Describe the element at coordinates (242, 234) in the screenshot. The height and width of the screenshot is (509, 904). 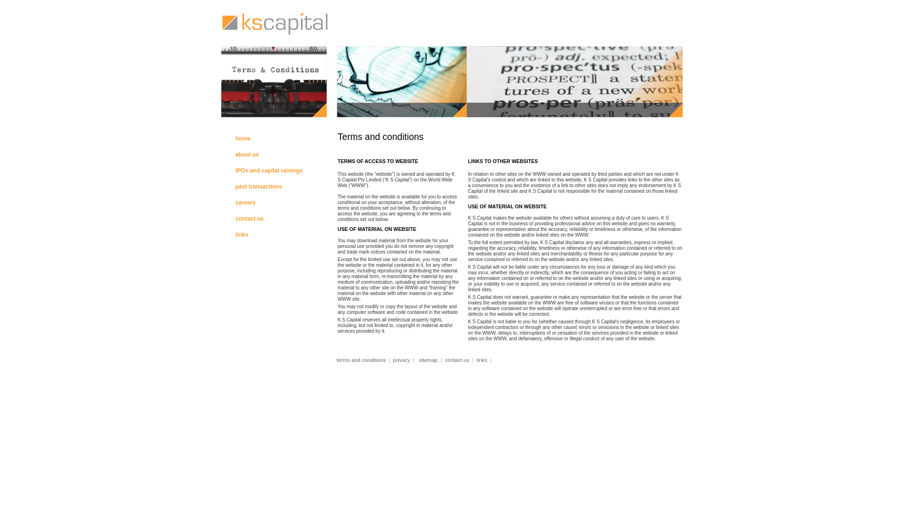
I see `'links'` at that location.